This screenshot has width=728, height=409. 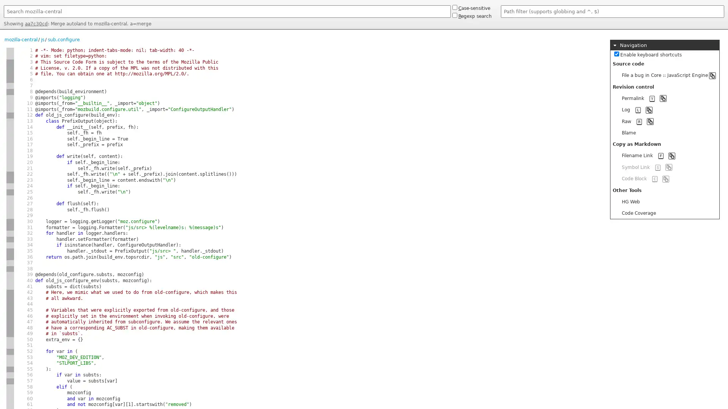 I want to click on same hash 2, so click(x=10, y=322).